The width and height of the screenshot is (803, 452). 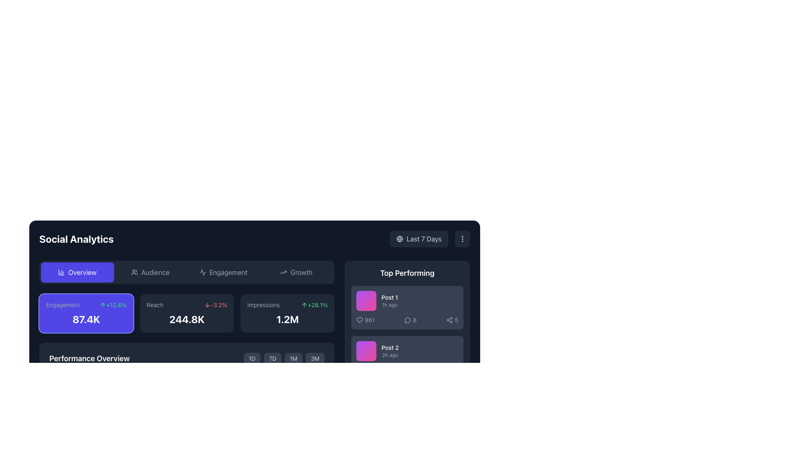 I want to click on the rectangular button with a dark gray background and light gray text reading 'Last 7 Days', which includes a globe icon to the left, so click(x=419, y=239).